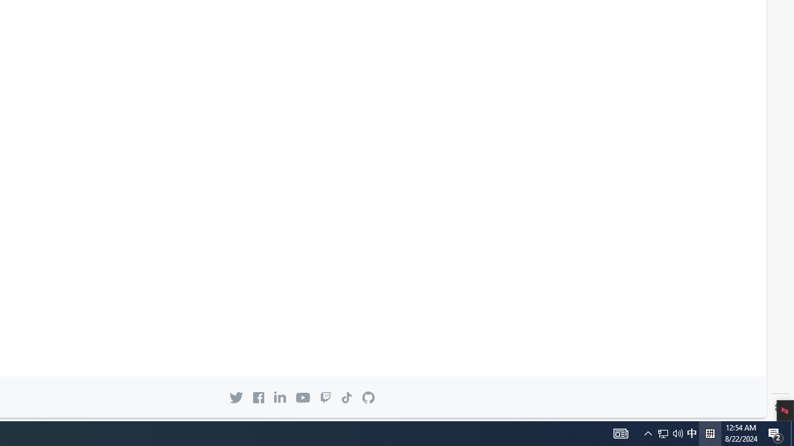 This screenshot has width=794, height=446. Describe the element at coordinates (279, 397) in the screenshot. I see `'Linkedin icon'` at that location.